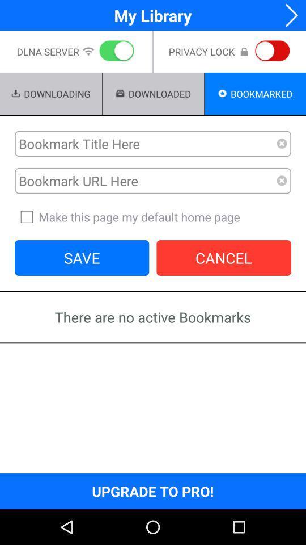 This screenshot has width=306, height=545. Describe the element at coordinates (288, 15) in the screenshot. I see `the app next to my library app` at that location.